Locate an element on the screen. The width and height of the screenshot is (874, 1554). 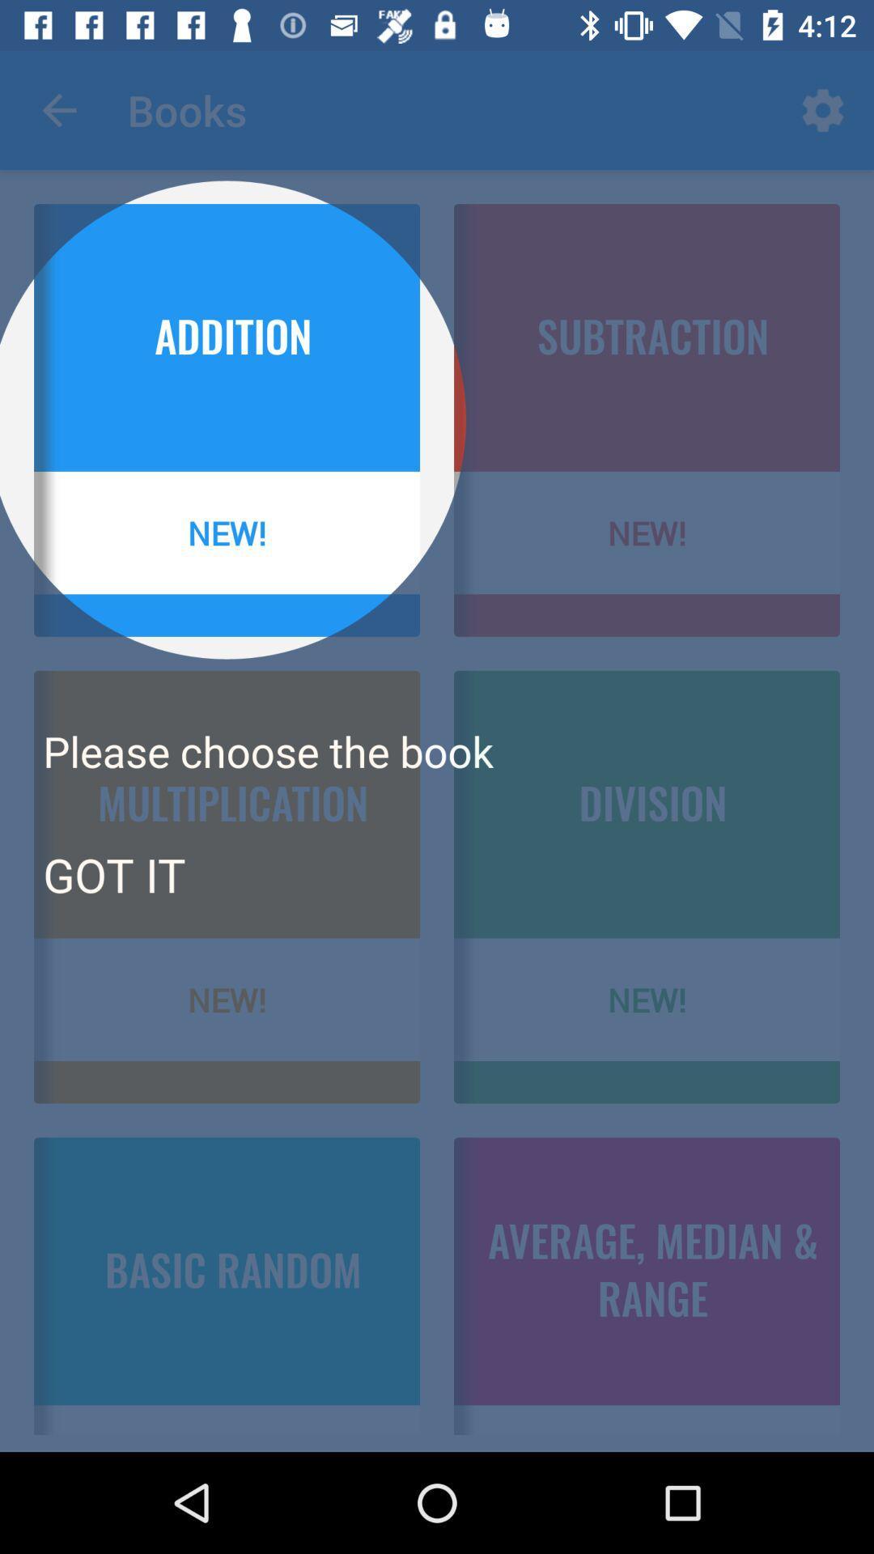
the got it icon is located at coordinates (113, 873).